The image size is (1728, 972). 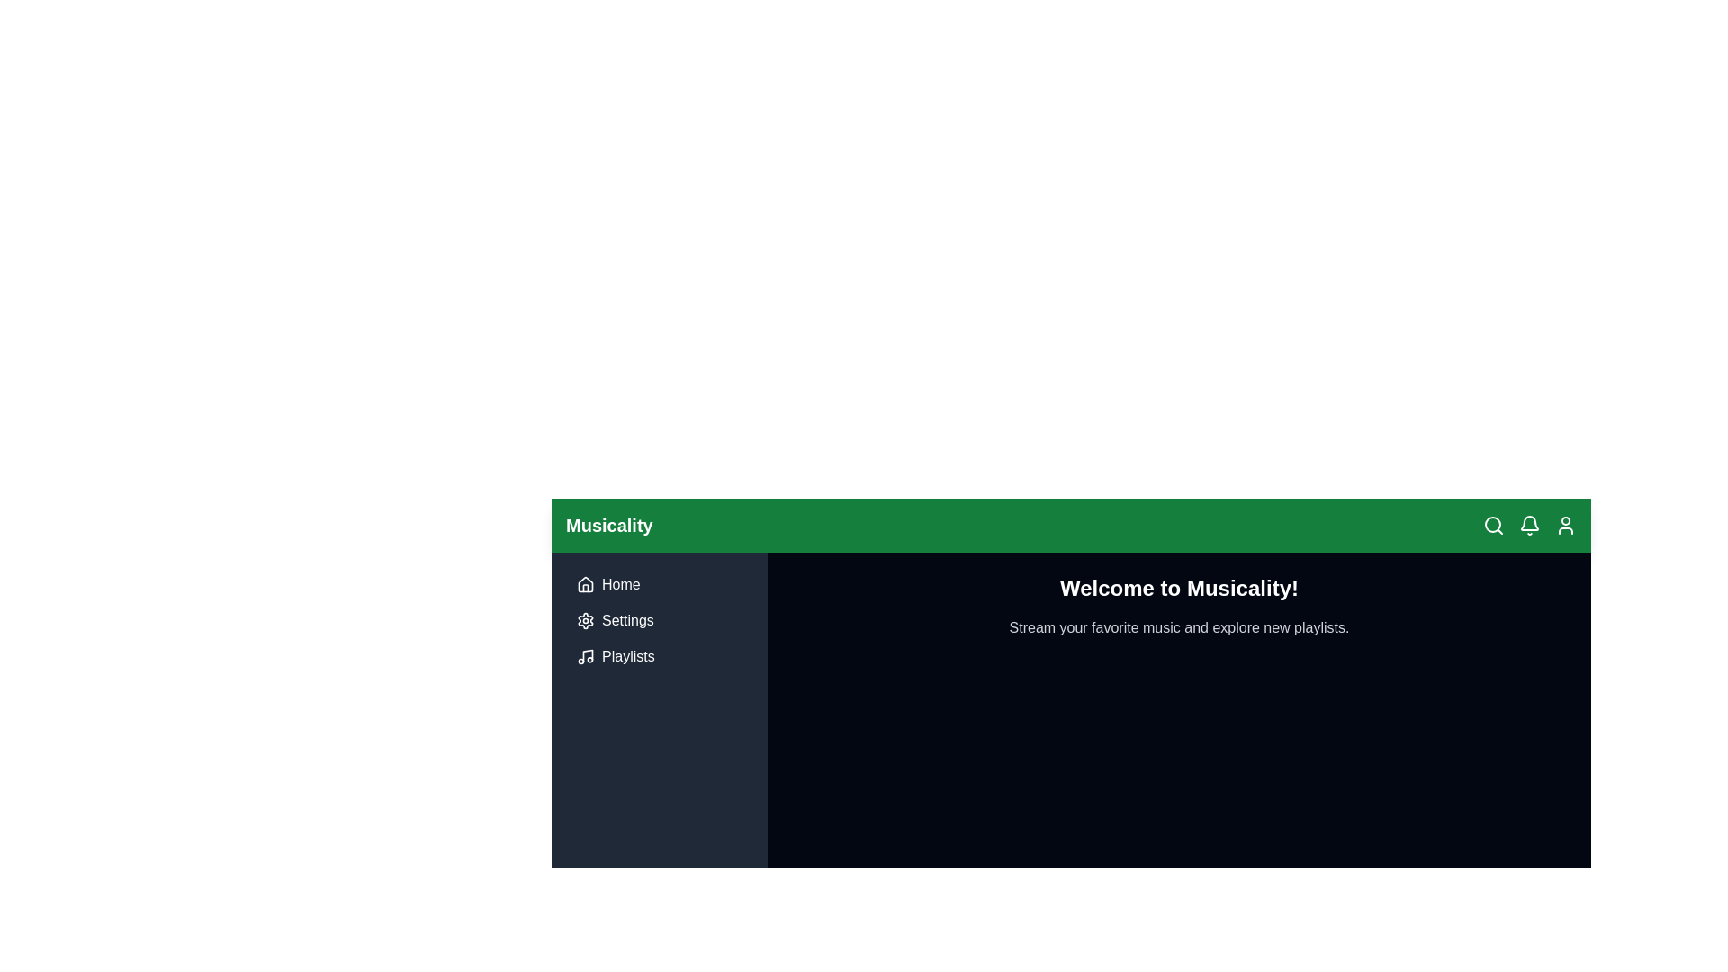 I want to click on the magnifying glass icon located in the top-right corner of the toolbar, so click(x=1494, y=525).